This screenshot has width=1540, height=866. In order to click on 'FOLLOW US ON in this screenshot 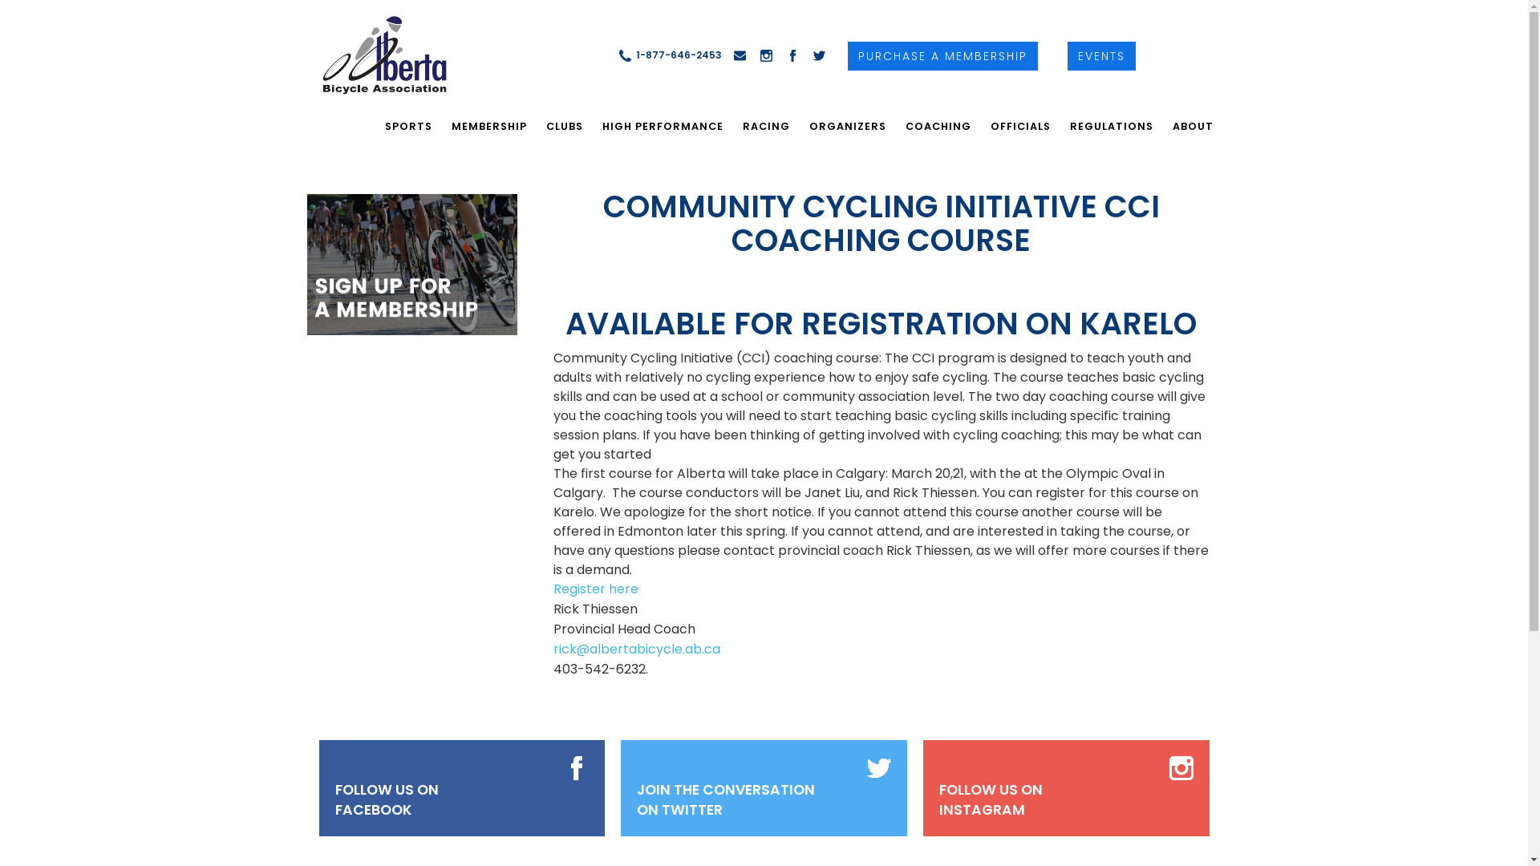, I will do `click(990, 800)`.